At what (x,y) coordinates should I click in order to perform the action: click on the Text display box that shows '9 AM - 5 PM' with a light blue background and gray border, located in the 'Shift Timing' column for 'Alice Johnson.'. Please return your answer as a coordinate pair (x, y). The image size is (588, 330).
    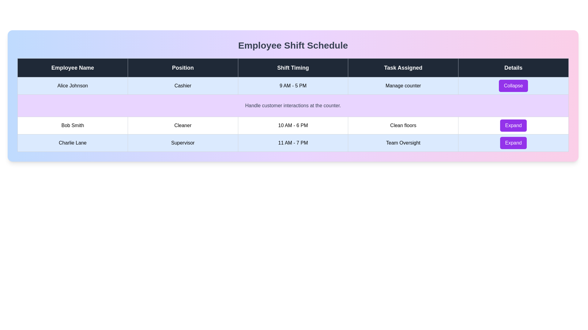
    Looking at the image, I should click on (292, 86).